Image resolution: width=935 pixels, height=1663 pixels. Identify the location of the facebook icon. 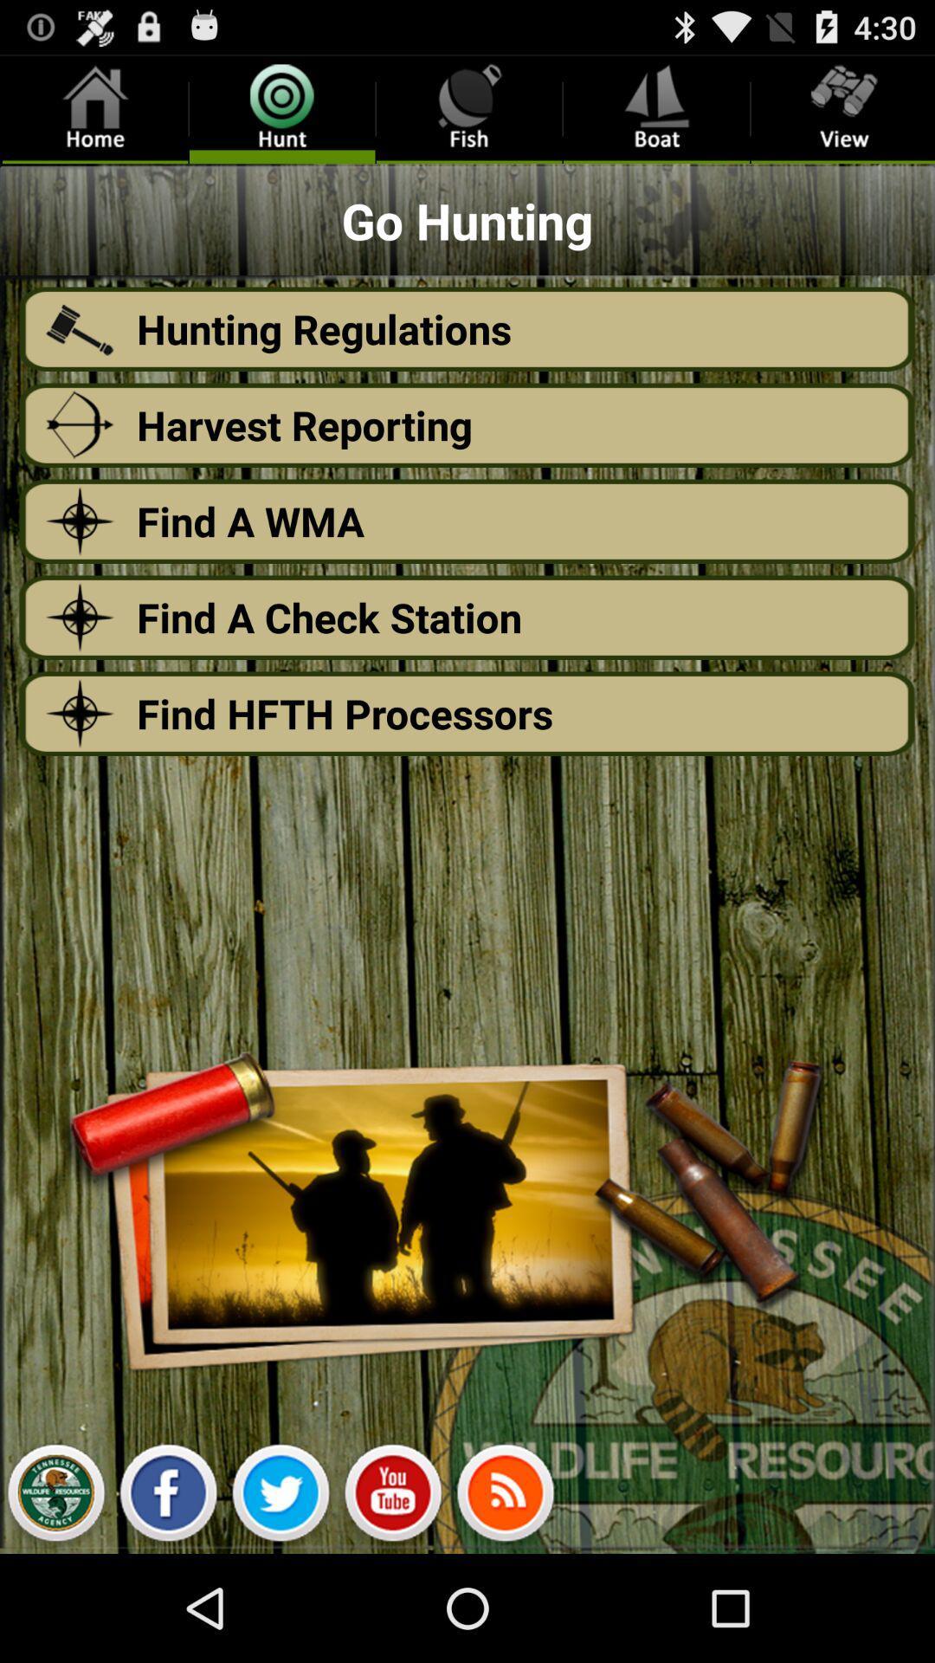
(168, 1602).